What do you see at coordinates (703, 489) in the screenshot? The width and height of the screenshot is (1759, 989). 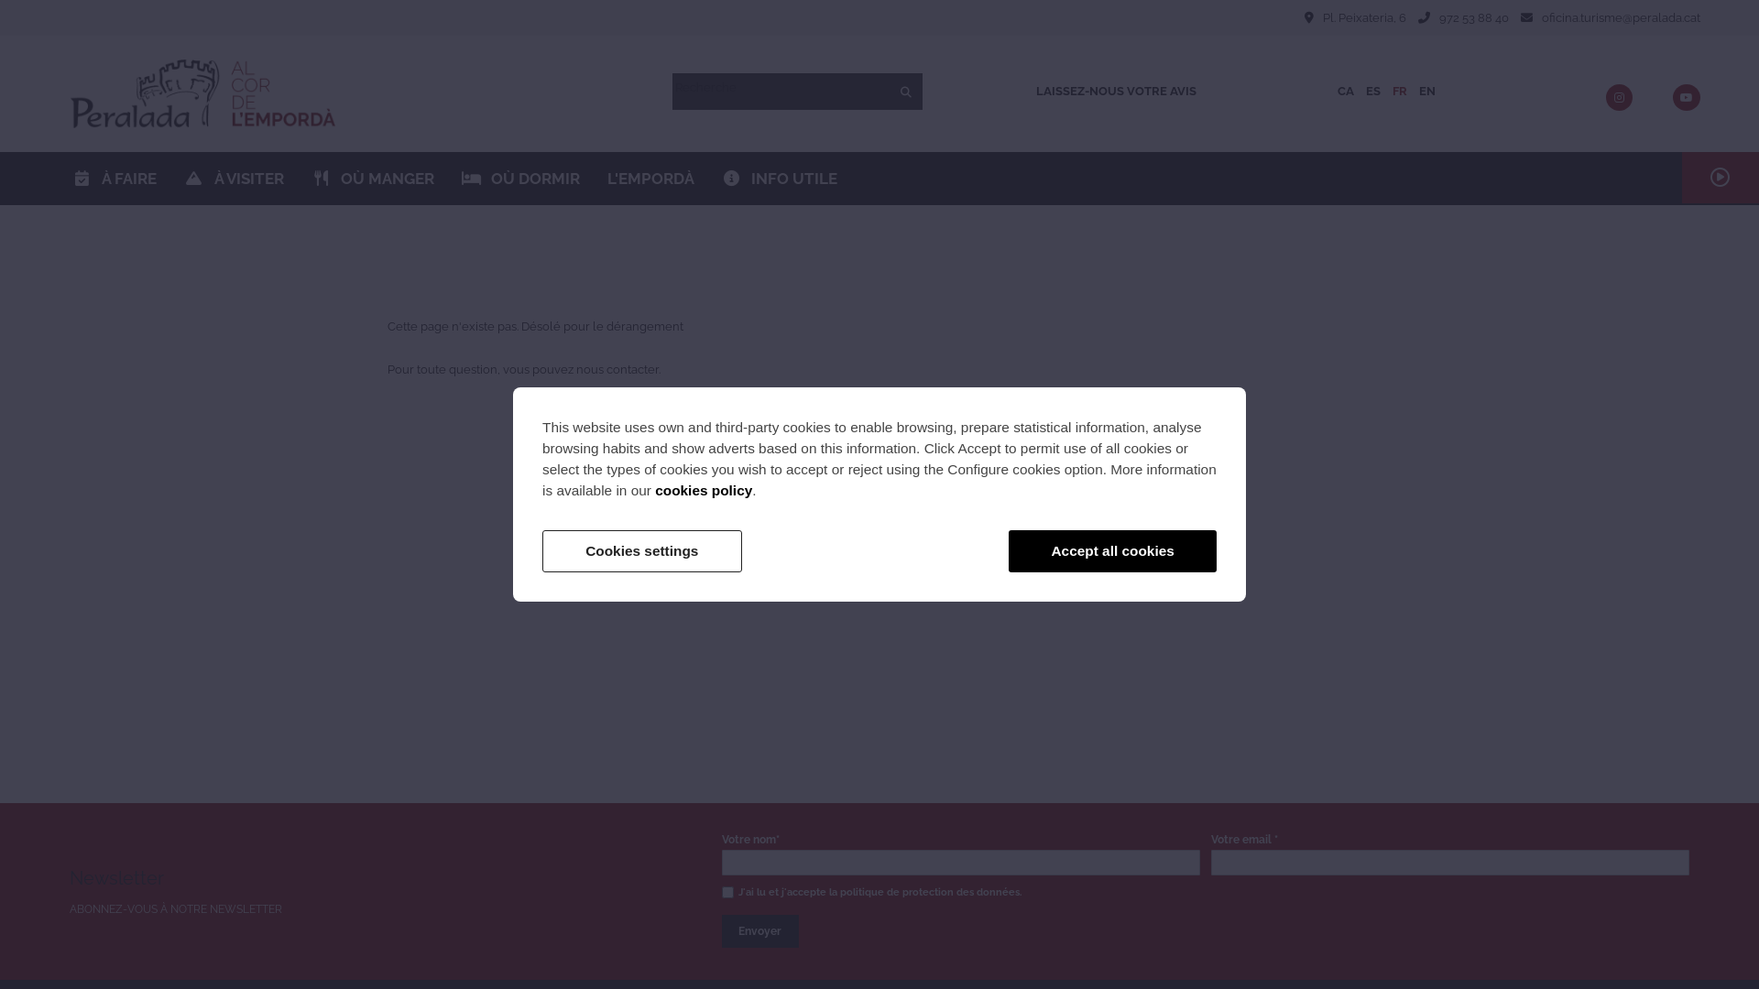 I see `'cookies policy'` at bounding box center [703, 489].